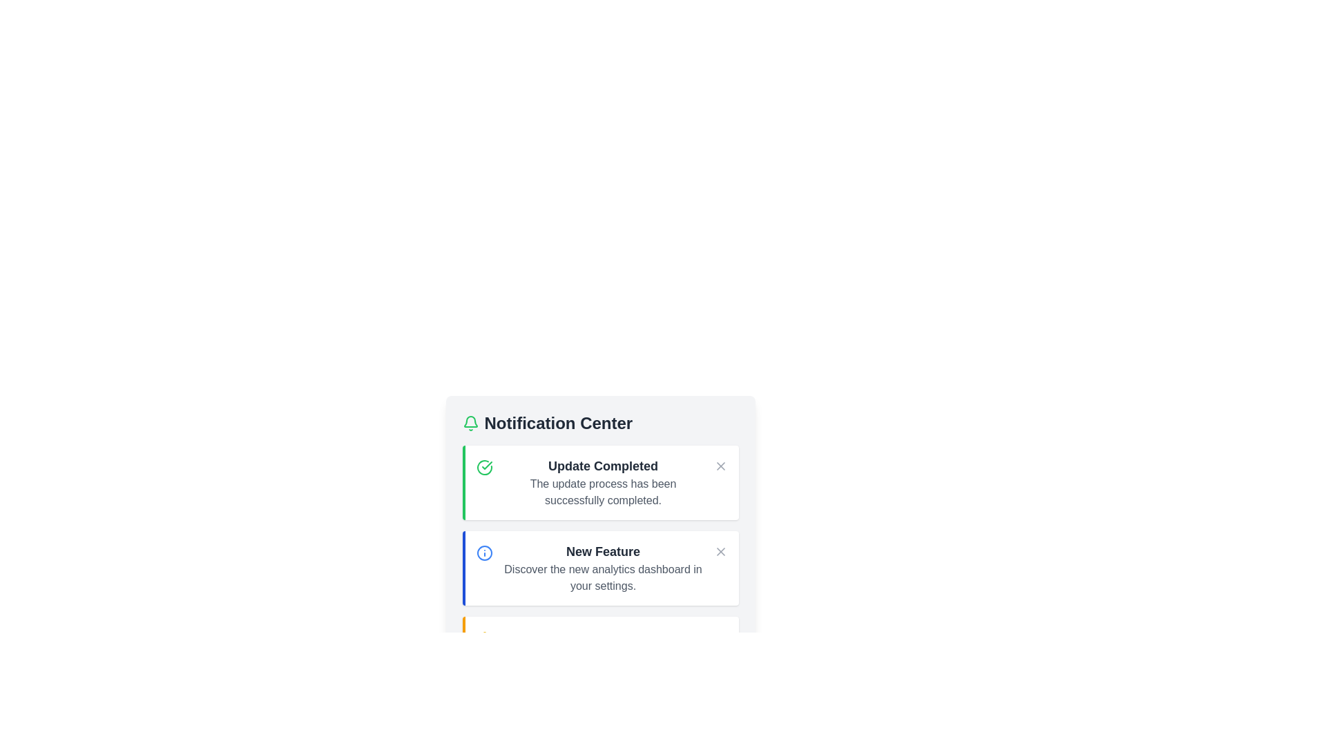 Image resolution: width=1326 pixels, height=745 pixels. What do you see at coordinates (470, 422) in the screenshot?
I see `the notification icon located to the left of the 'Notification Center' text` at bounding box center [470, 422].